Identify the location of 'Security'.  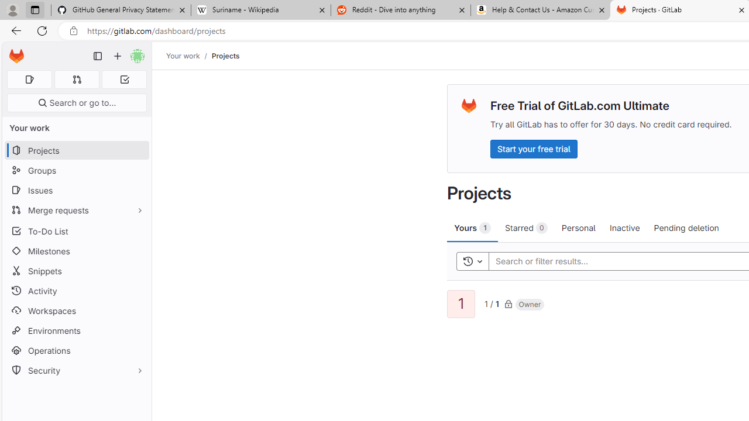
(76, 370).